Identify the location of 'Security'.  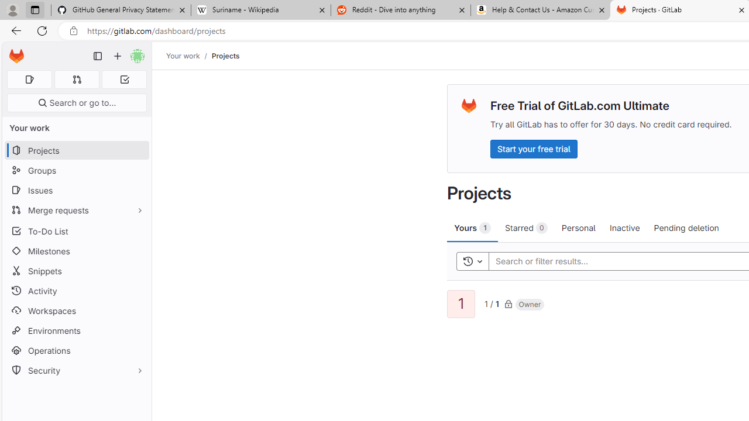
(76, 370).